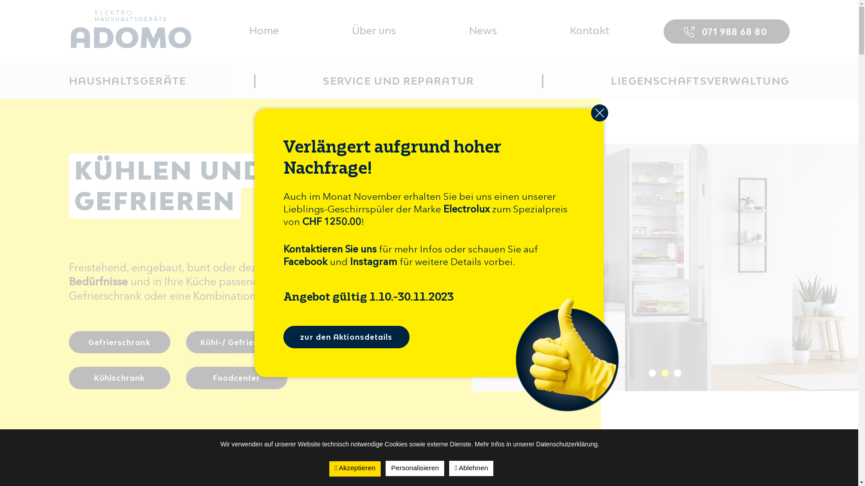 The image size is (865, 486). What do you see at coordinates (236, 378) in the screenshot?
I see `'Foodcenter'` at bounding box center [236, 378].